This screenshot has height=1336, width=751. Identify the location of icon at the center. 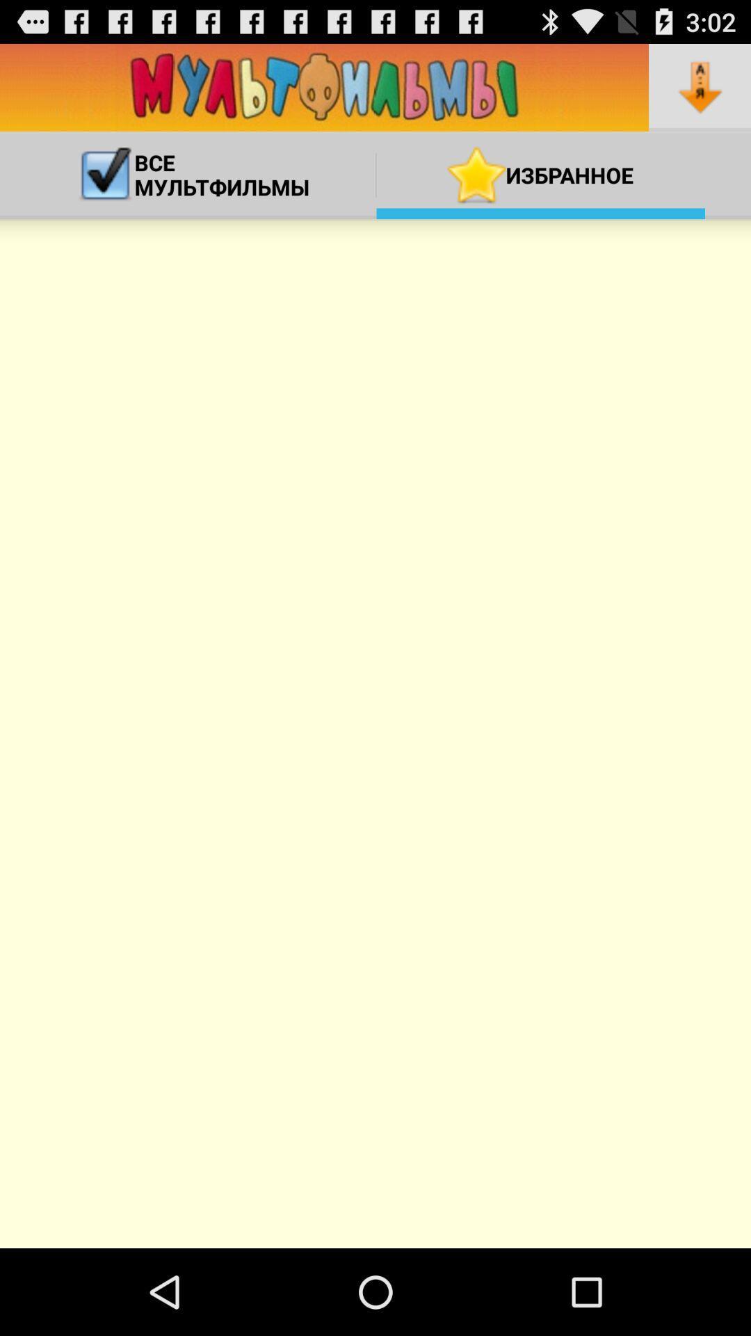
(375, 733).